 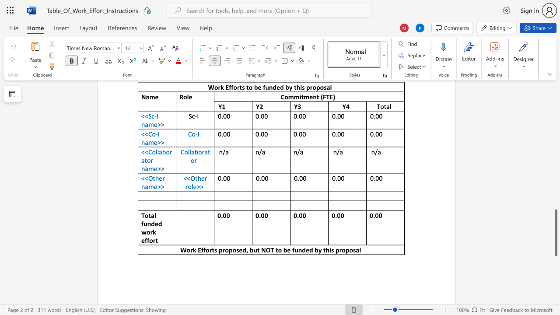 I want to click on the scrollbar to scroll the page up, so click(x=555, y=96).